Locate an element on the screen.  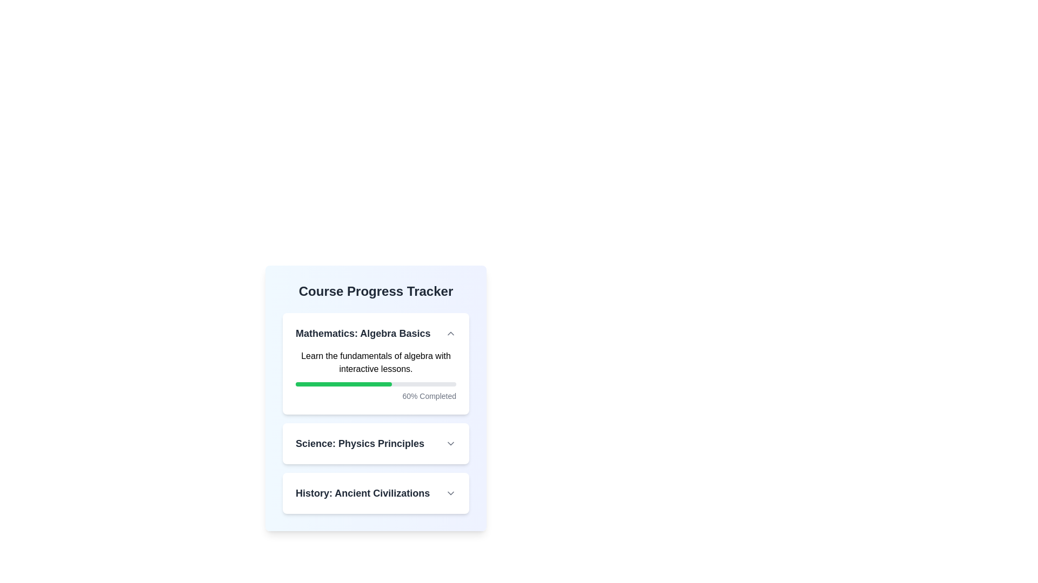
the first course progress tracker item for 'Mathematics: Algebra Basics' is located at coordinates (376, 413).